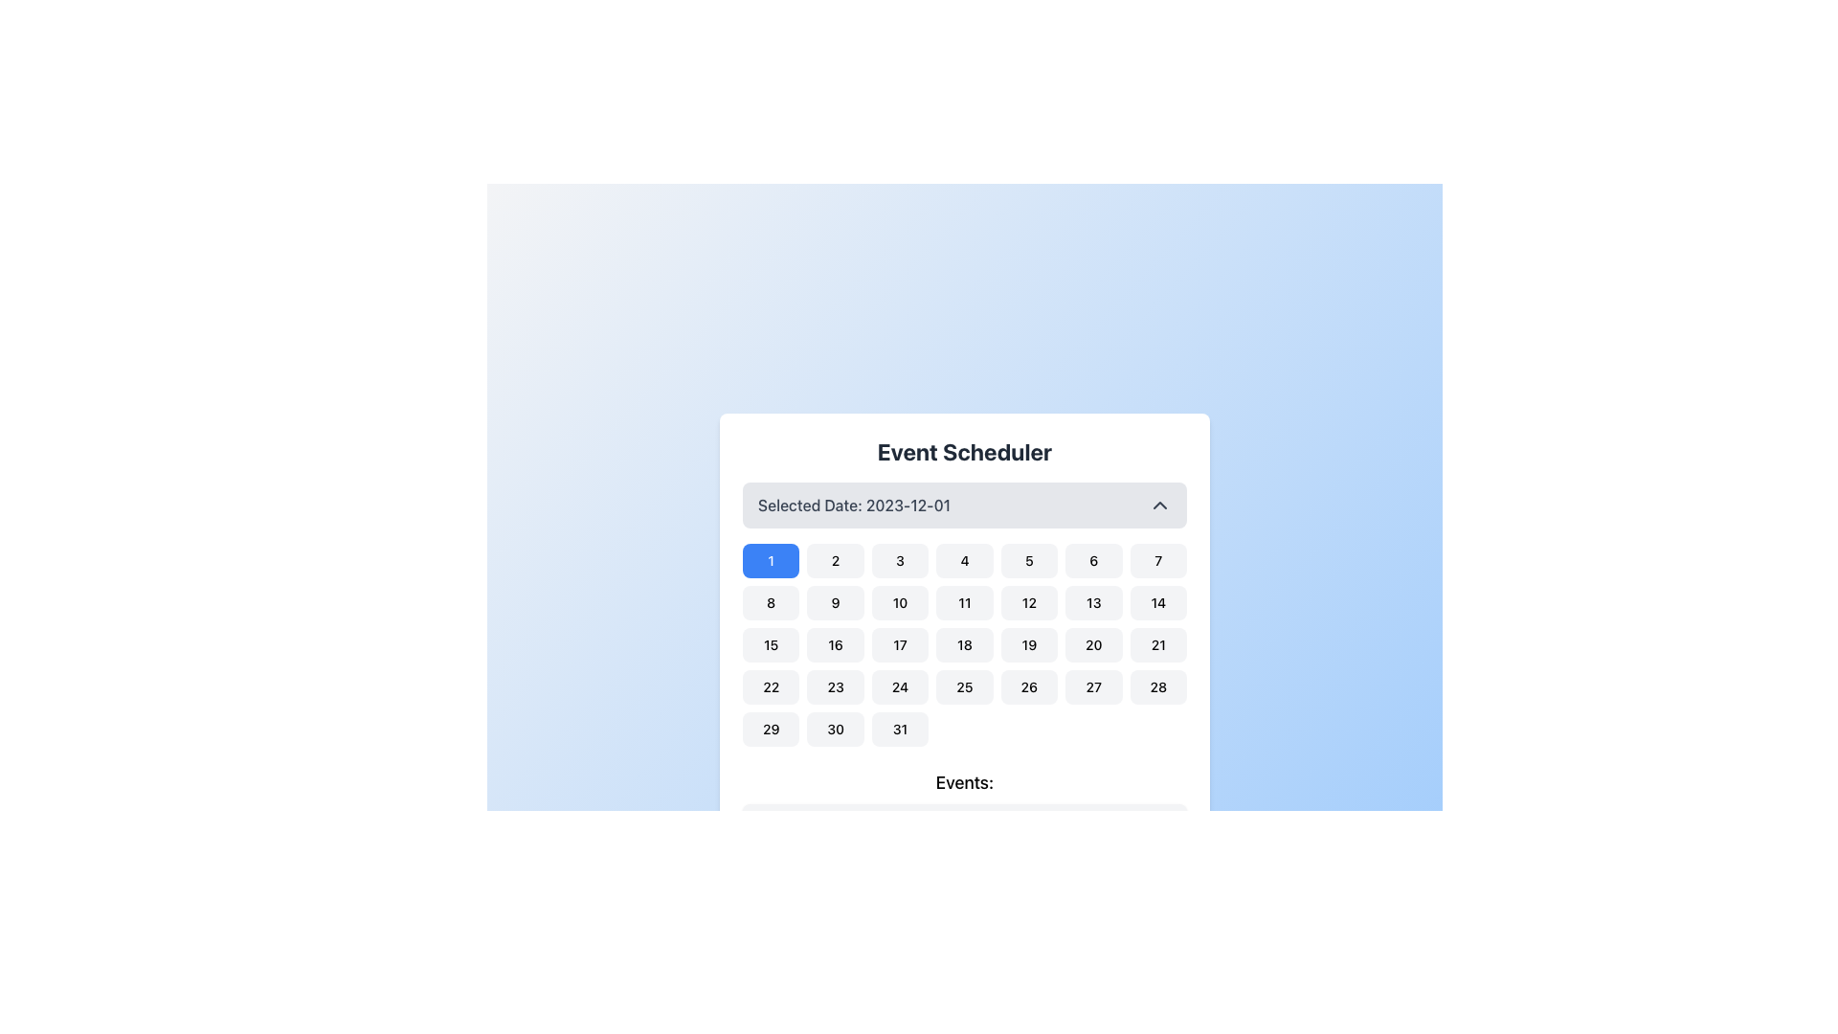 This screenshot has width=1838, height=1034. Describe the element at coordinates (836, 686) in the screenshot. I see `the rounded rectangular button labeled '23' in the Event Scheduler modal` at that location.